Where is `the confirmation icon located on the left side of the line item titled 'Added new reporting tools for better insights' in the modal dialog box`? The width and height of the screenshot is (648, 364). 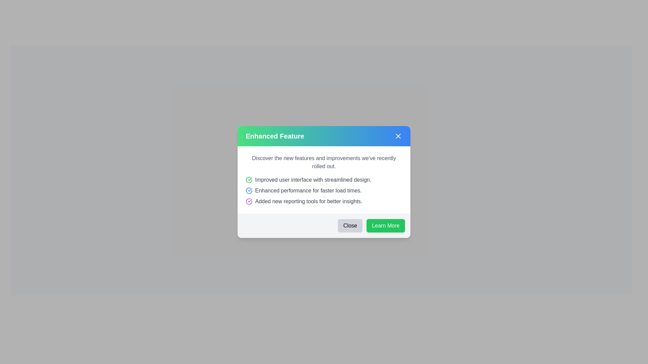
the confirmation icon located on the left side of the line item titled 'Added new reporting tools for better insights' in the modal dialog box is located at coordinates (249, 201).